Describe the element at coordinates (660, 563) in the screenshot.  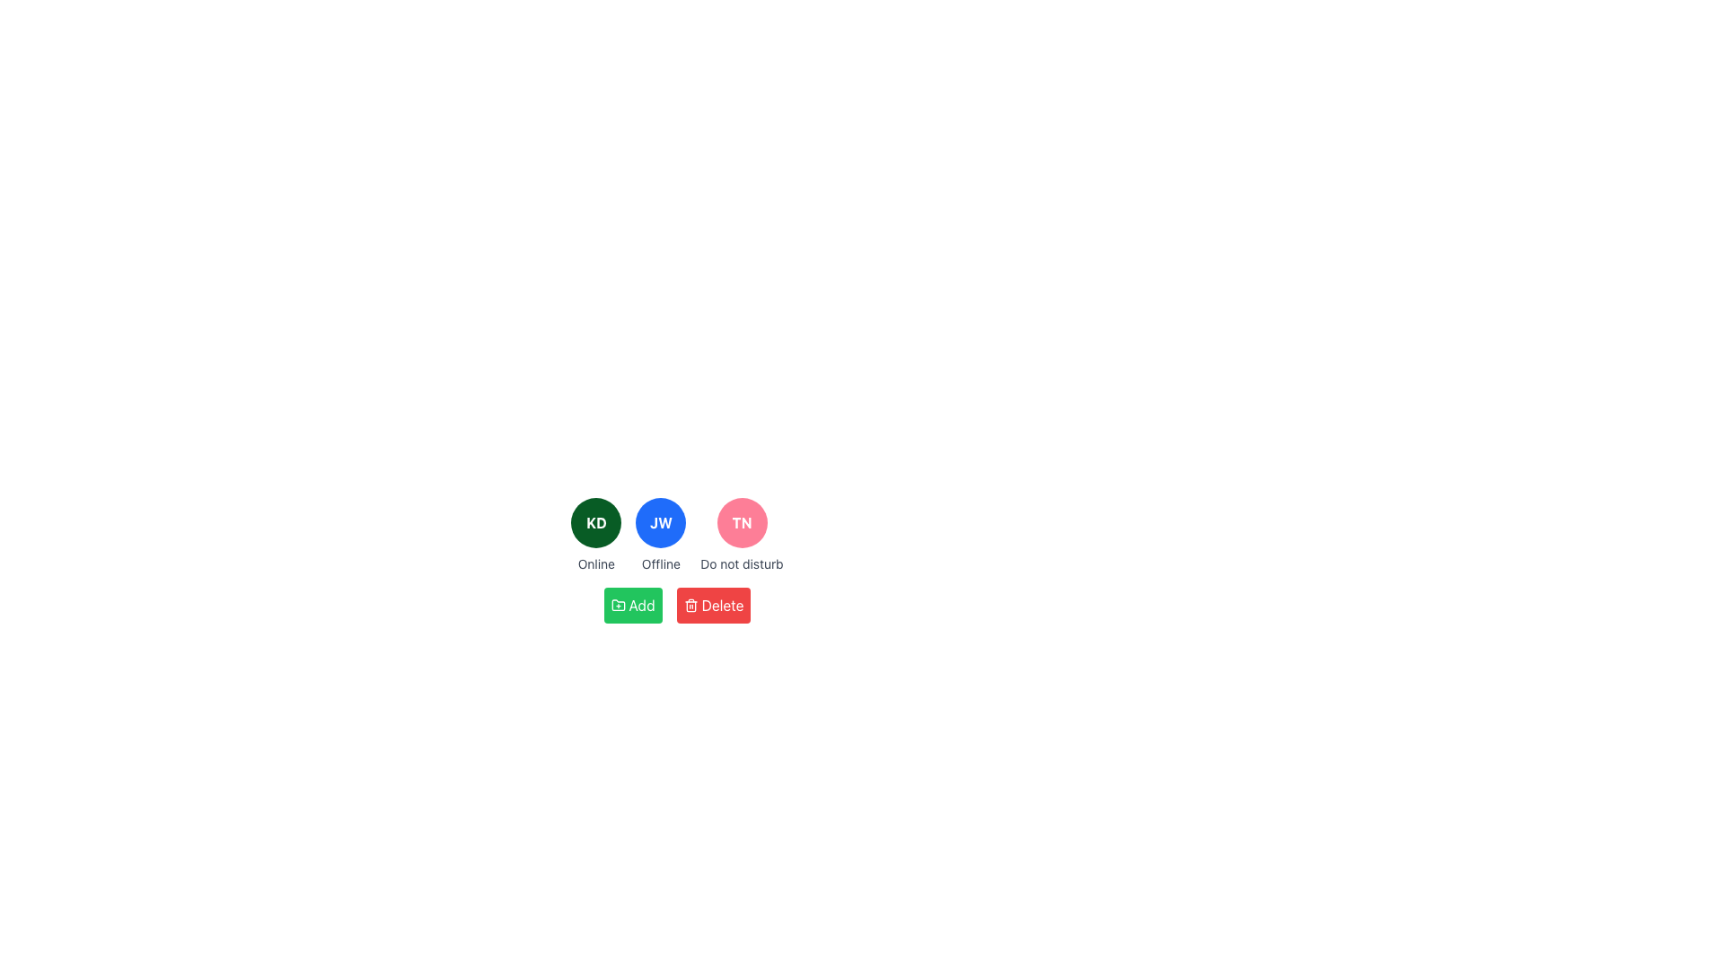
I see `the text label displaying 'Offline', which is positioned below the circular avatar labeled 'JW'` at that location.